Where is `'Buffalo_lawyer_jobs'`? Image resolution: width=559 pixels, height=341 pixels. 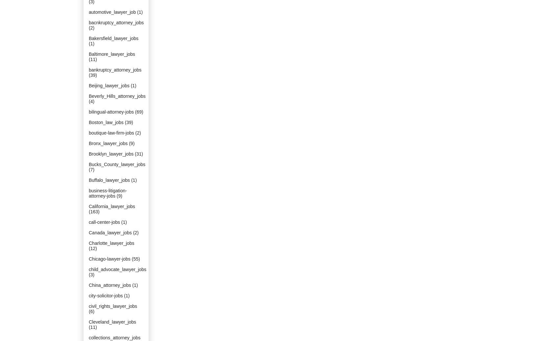 'Buffalo_lawyer_jobs' is located at coordinates (109, 180).